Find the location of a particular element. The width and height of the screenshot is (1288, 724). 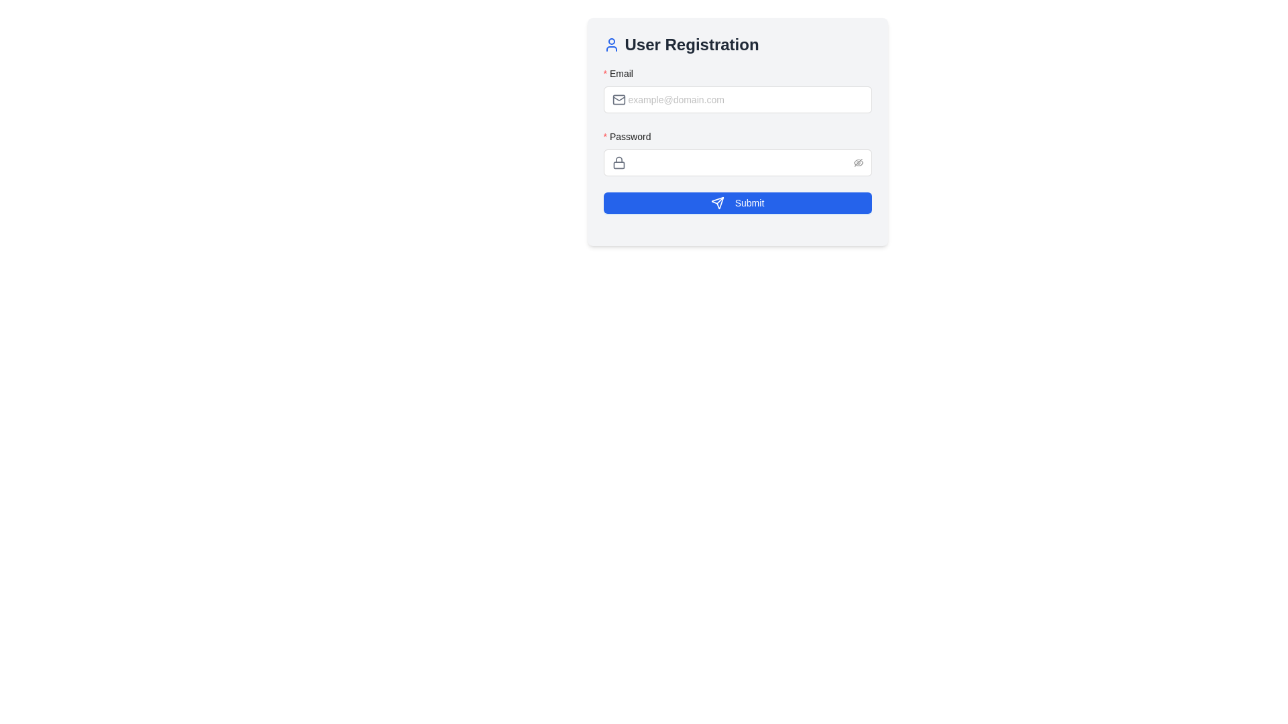

the lock icon located on the left side of the password input field in the User Registration dialog, which denotes the password field as secure is located at coordinates (618, 162).